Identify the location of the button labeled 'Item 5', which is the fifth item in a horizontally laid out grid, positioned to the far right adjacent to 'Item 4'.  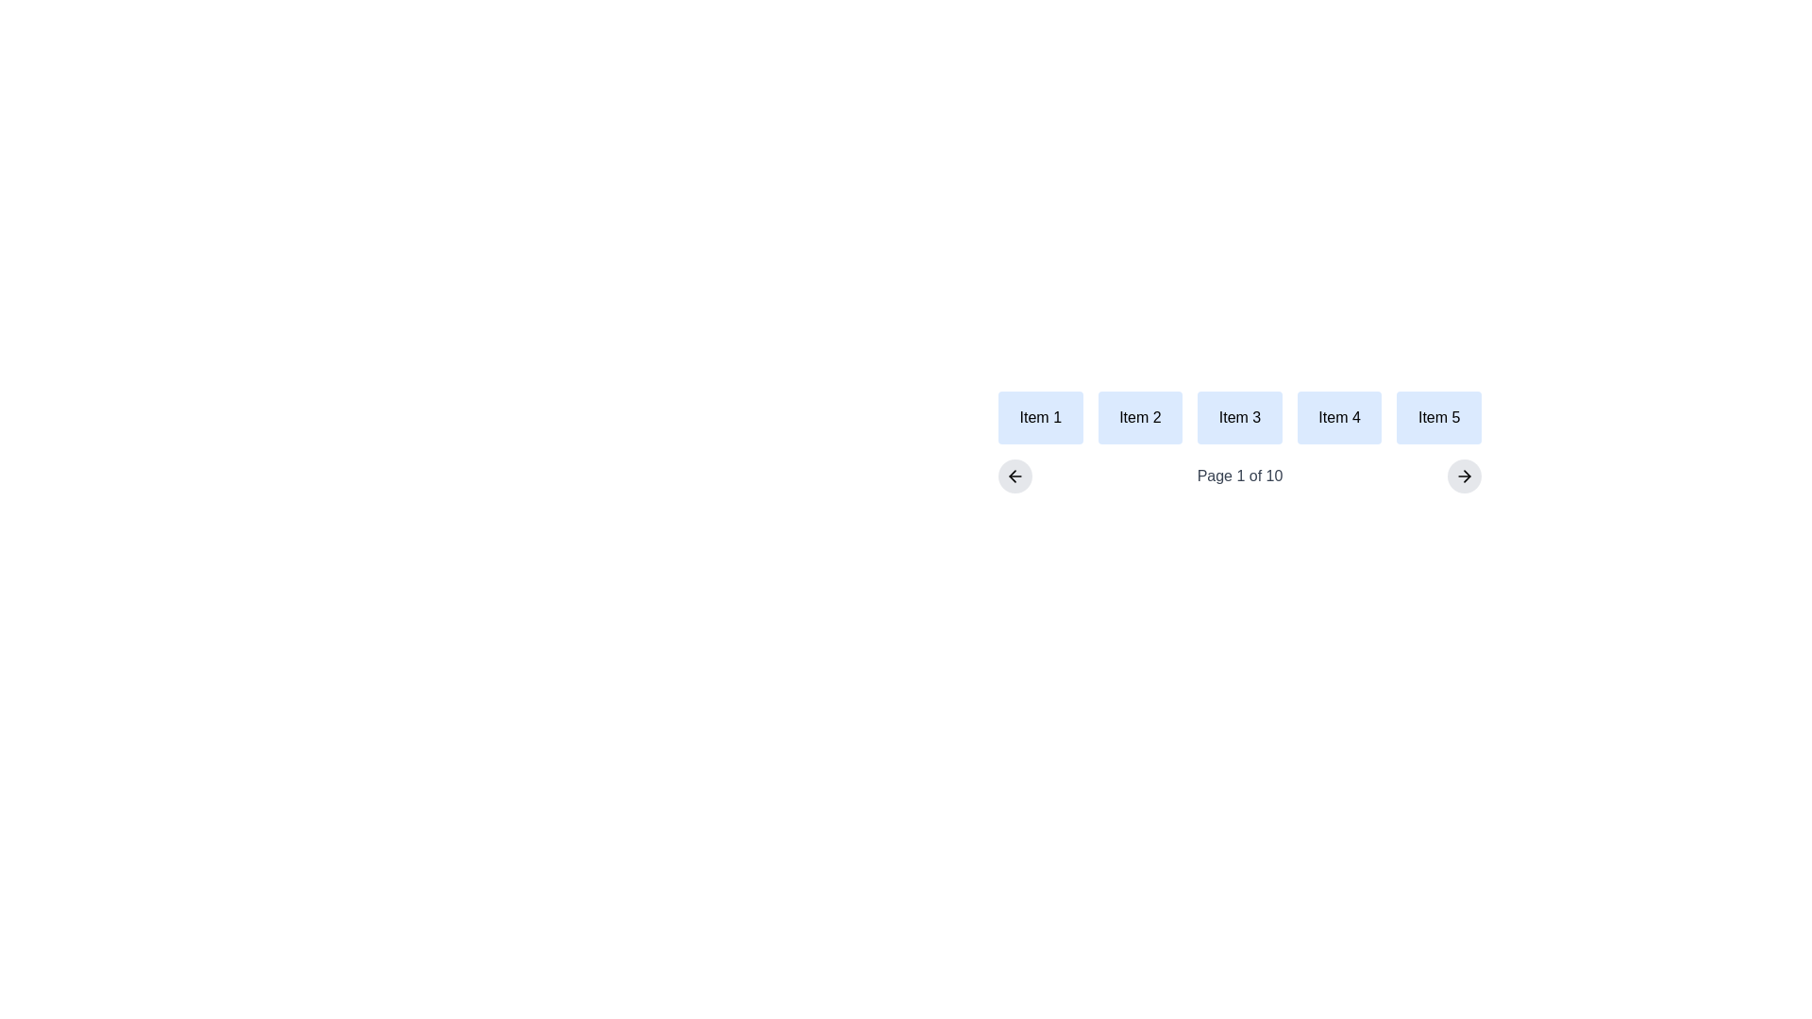
(1438, 417).